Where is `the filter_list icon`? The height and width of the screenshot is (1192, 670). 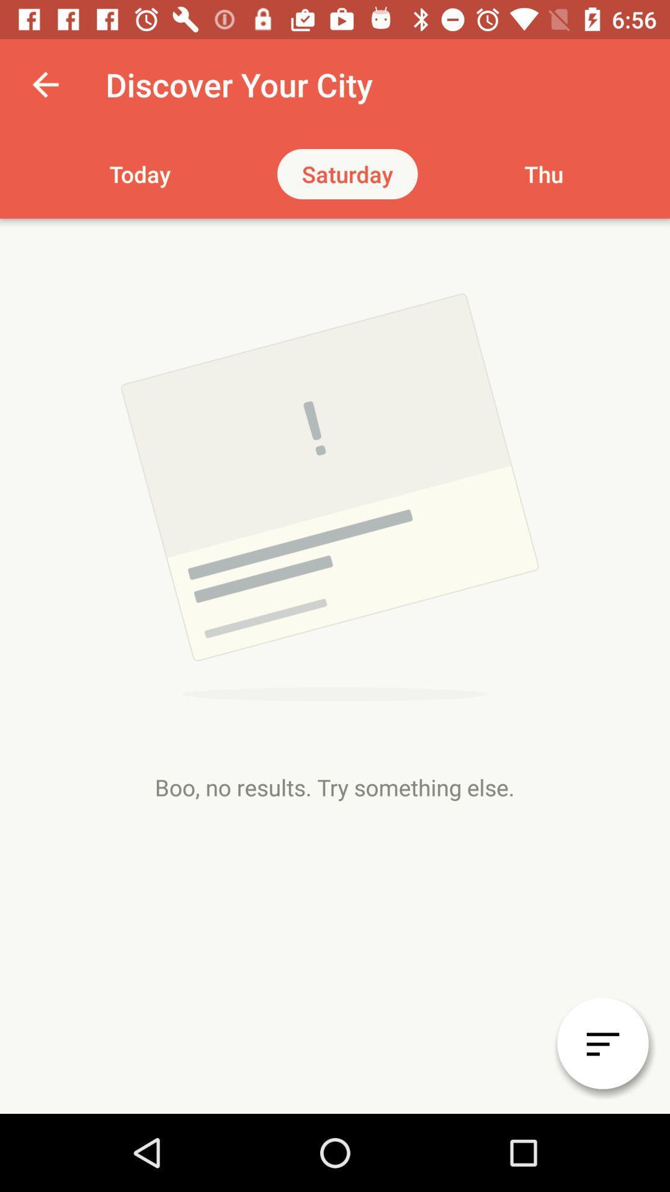
the filter_list icon is located at coordinates (602, 1043).